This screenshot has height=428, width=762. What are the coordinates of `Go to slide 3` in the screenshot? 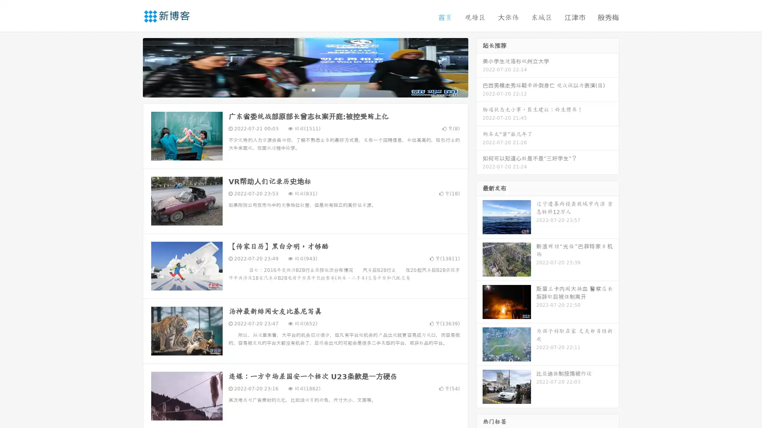 It's located at (313, 89).